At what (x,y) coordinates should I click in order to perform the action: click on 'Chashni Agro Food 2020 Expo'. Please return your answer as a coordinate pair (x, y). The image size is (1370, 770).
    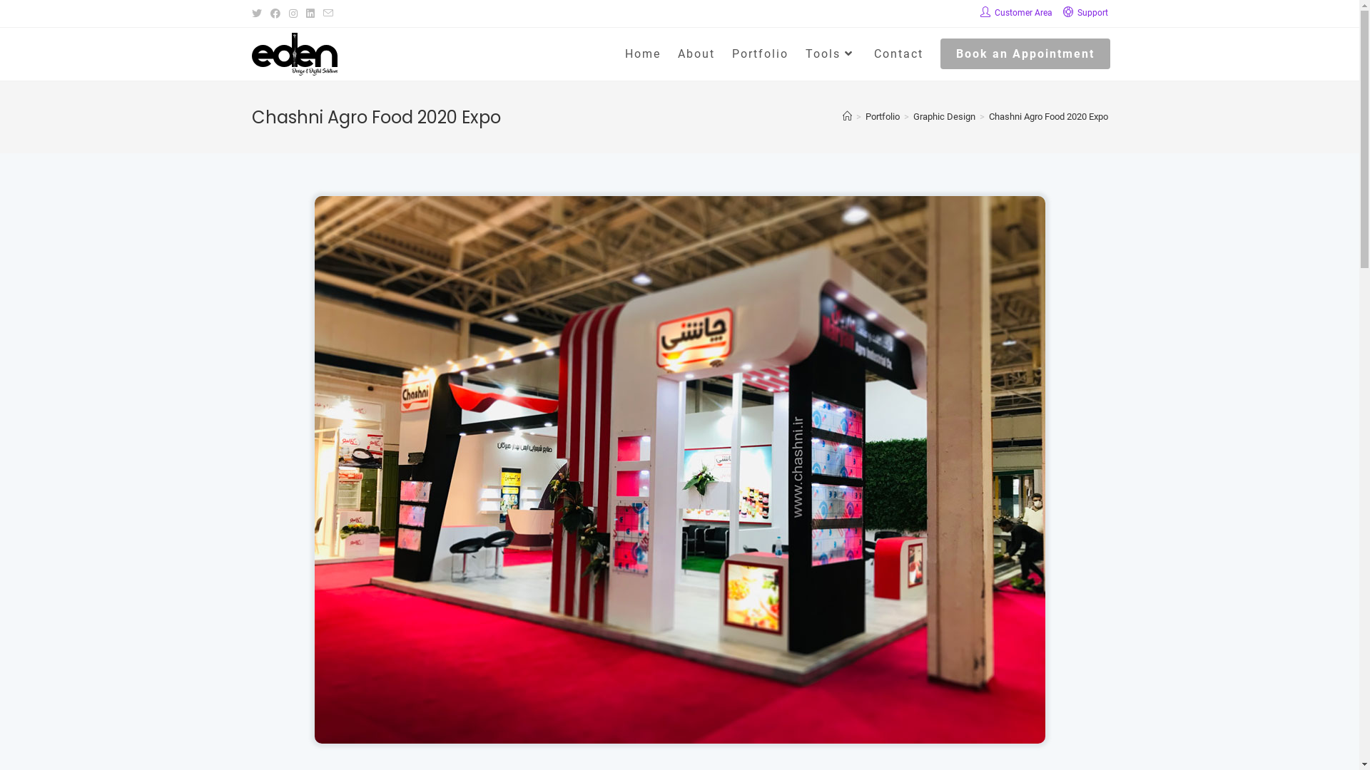
    Looking at the image, I should click on (1048, 115).